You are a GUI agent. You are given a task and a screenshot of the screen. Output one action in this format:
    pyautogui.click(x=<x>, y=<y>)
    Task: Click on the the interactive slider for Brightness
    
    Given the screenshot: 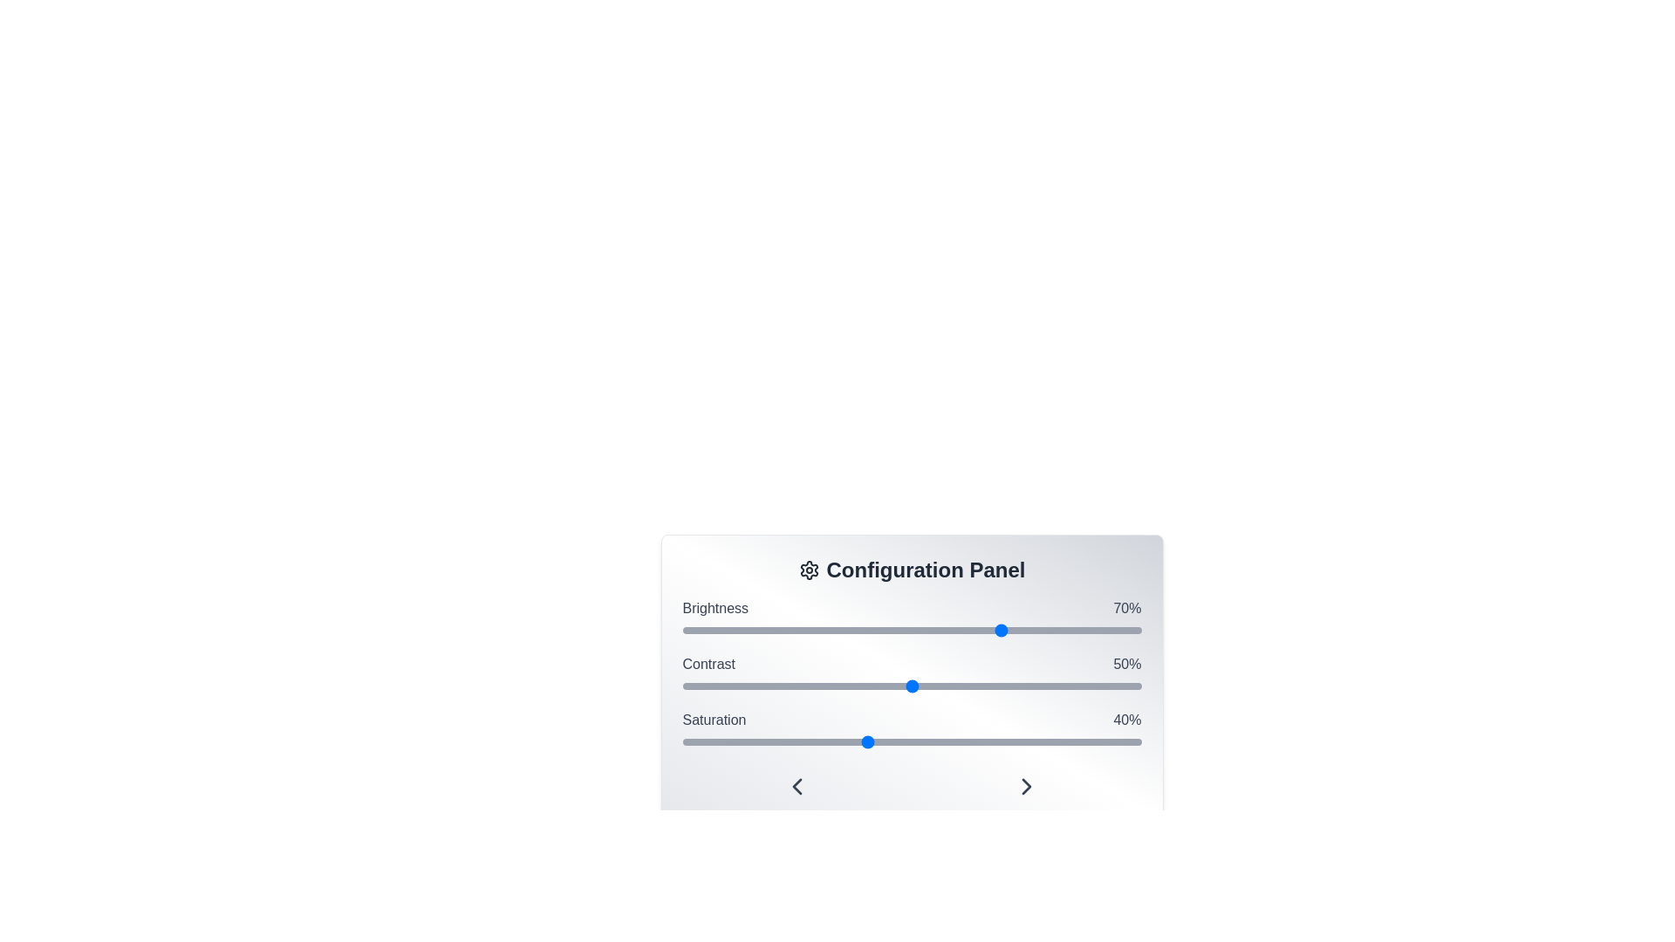 What is the action you would take?
    pyautogui.click(x=911, y=630)
    